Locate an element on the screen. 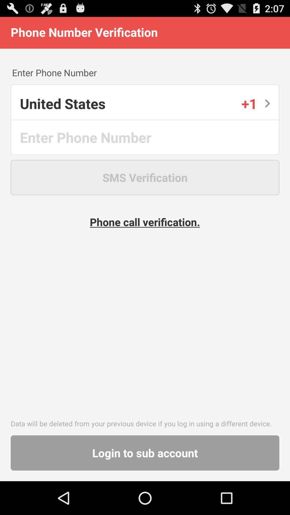 Image resolution: width=290 pixels, height=515 pixels. phone number entry is located at coordinates (146, 137).